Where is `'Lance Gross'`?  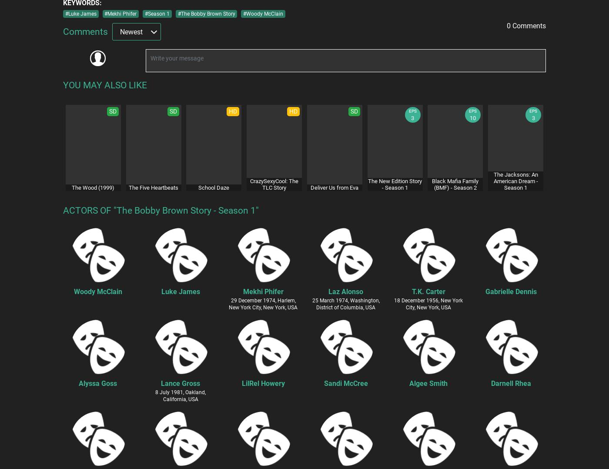
'Lance Gross' is located at coordinates (180, 382).